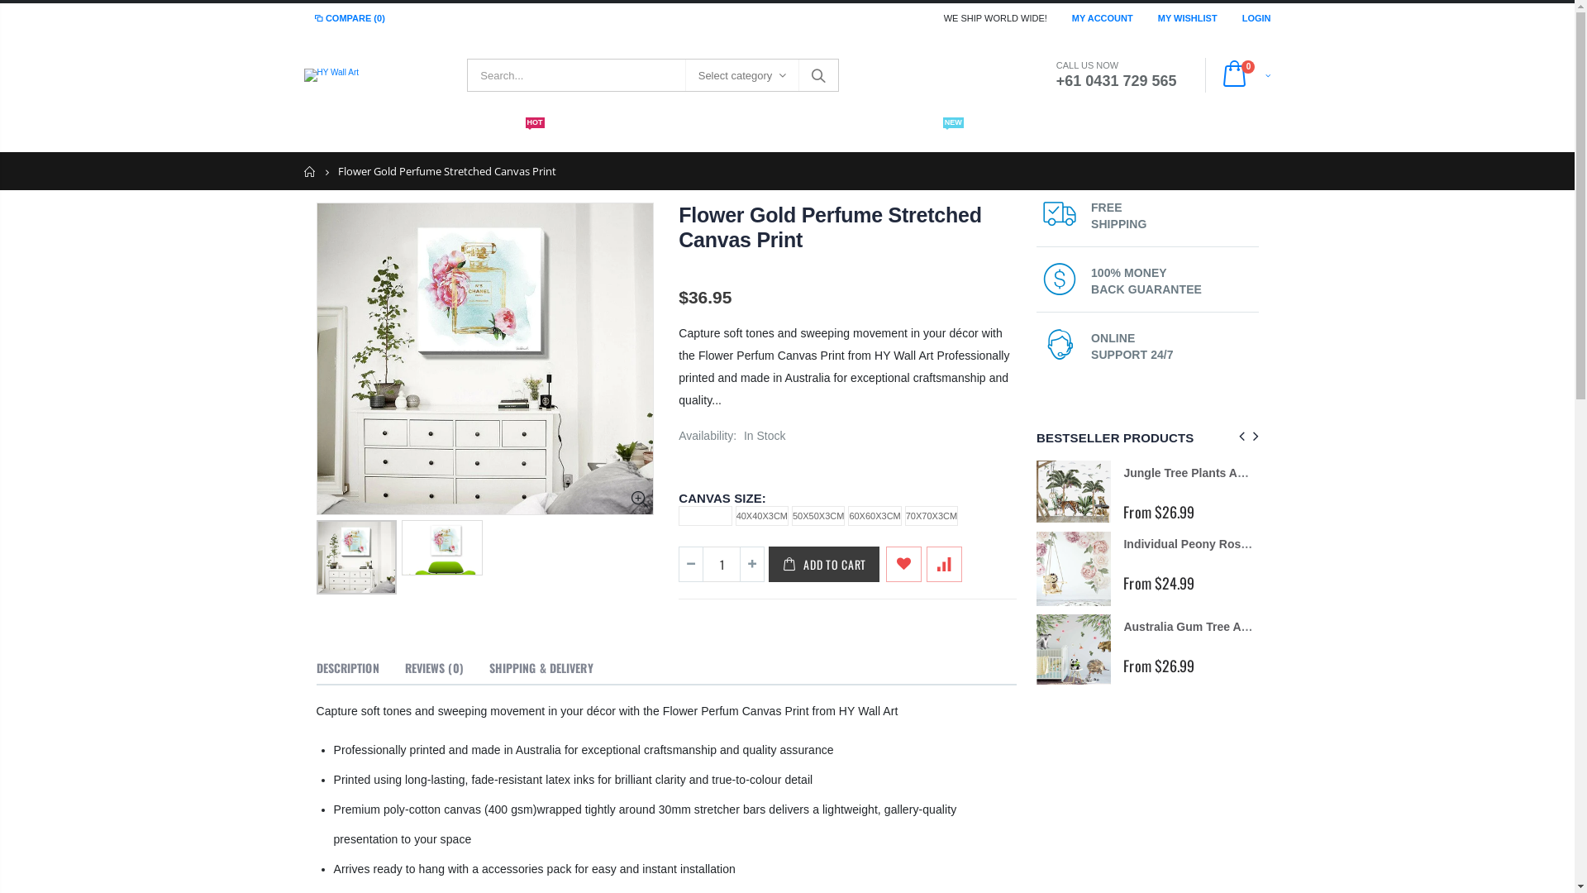  What do you see at coordinates (346, 668) in the screenshot?
I see `'DESCRIPTION'` at bounding box center [346, 668].